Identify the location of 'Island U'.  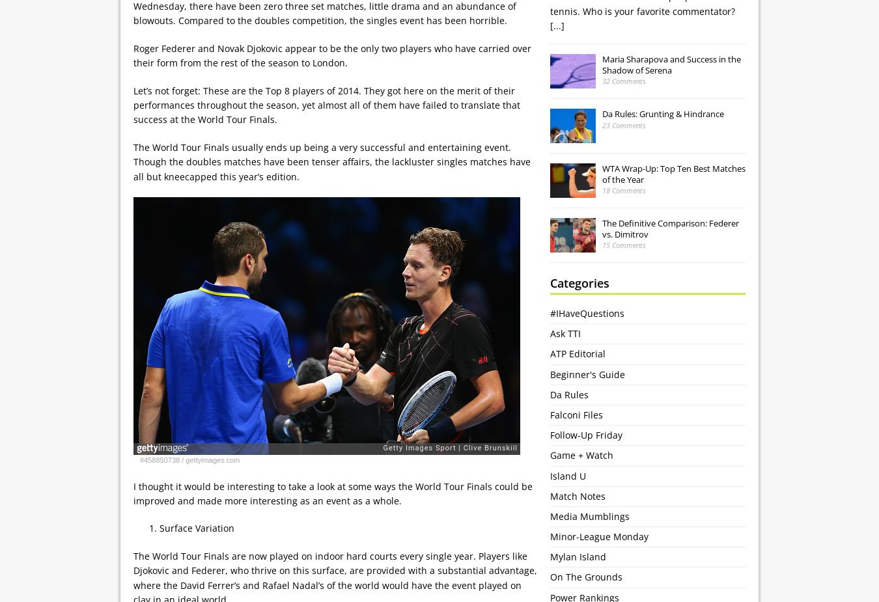
(568, 475).